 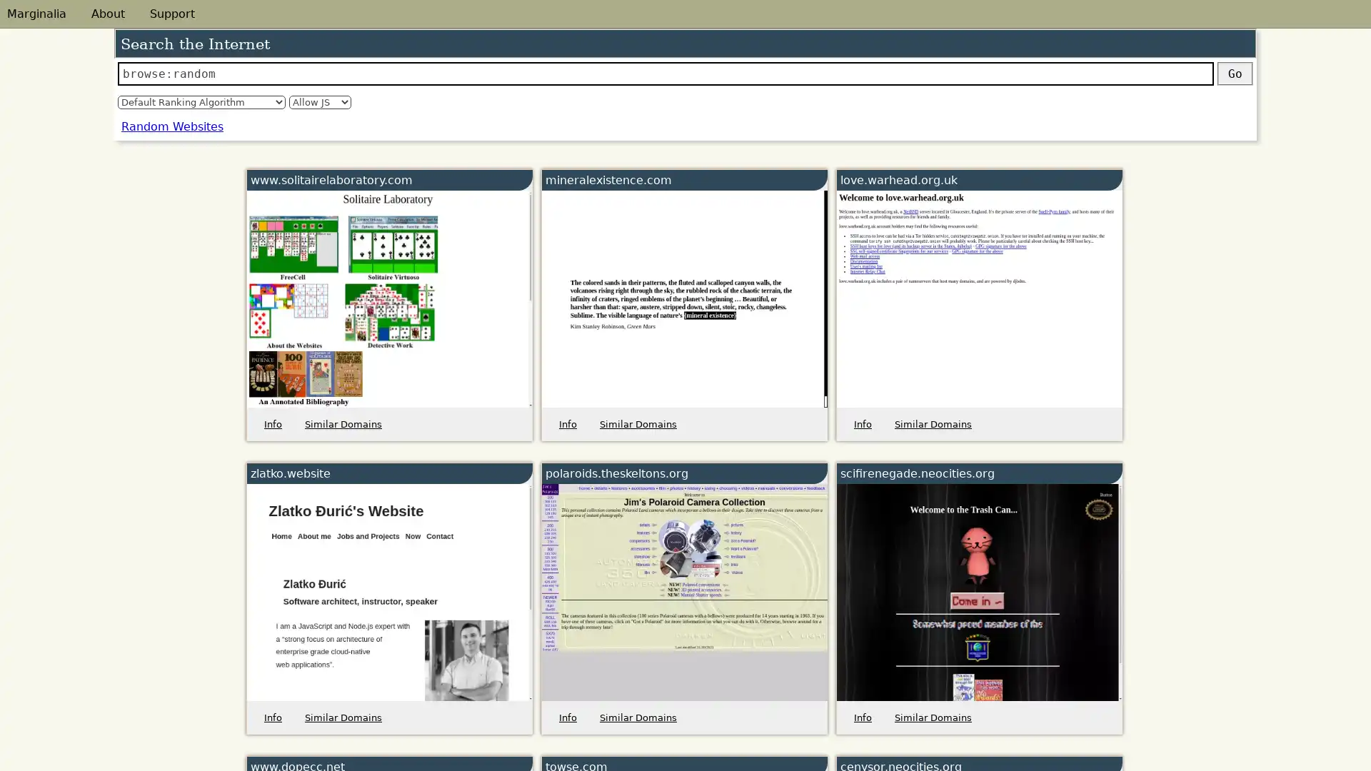 What do you see at coordinates (1234, 74) in the screenshot?
I see `Go` at bounding box center [1234, 74].